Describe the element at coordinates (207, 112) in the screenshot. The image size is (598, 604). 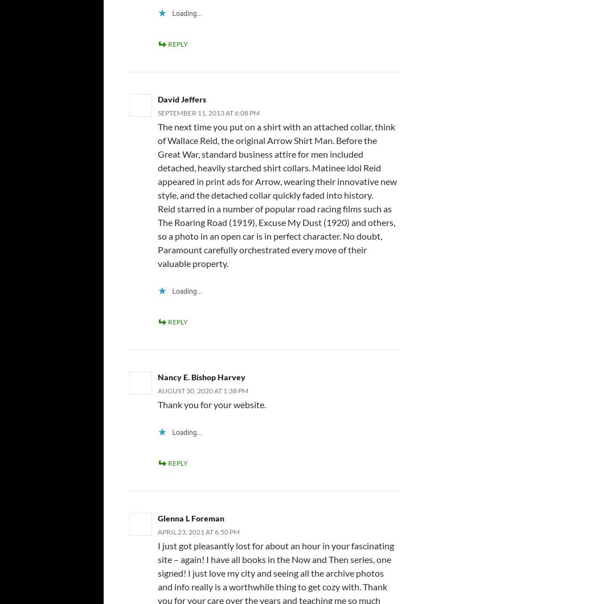
I see `'September 11, 2013 at 6:08 pm'` at that location.